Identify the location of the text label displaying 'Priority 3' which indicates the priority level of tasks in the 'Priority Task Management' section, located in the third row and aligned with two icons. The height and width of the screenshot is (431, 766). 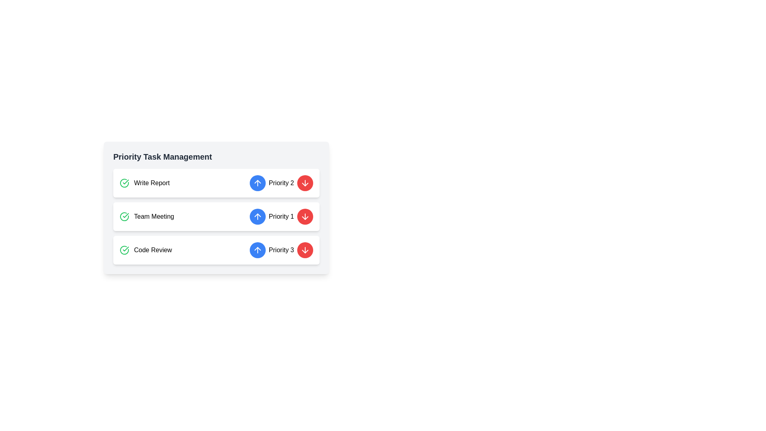
(281, 250).